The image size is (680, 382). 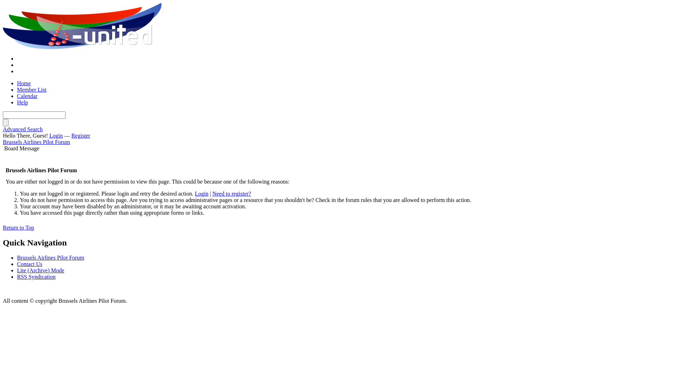 What do you see at coordinates (80, 135) in the screenshot?
I see `'Register'` at bounding box center [80, 135].